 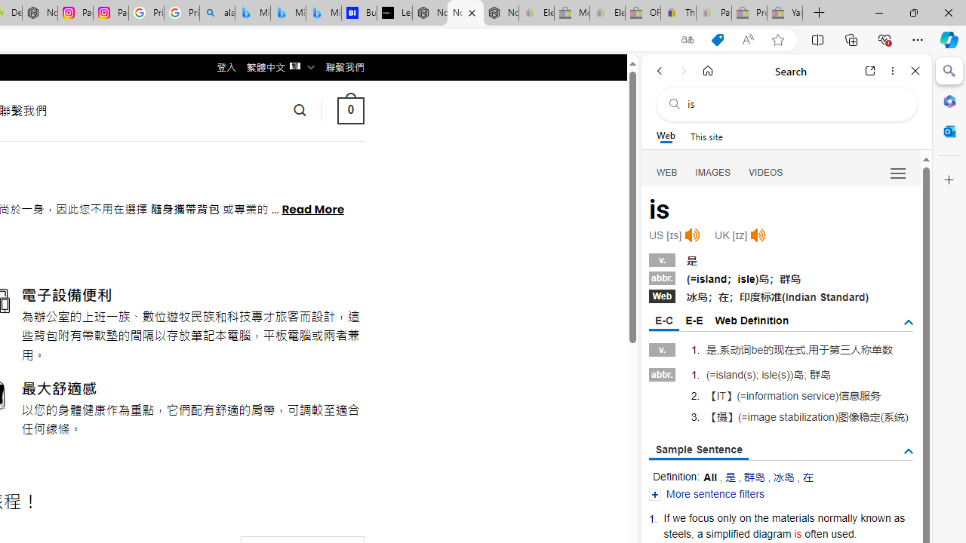 I want to click on 'Read More', so click(x=312, y=208).